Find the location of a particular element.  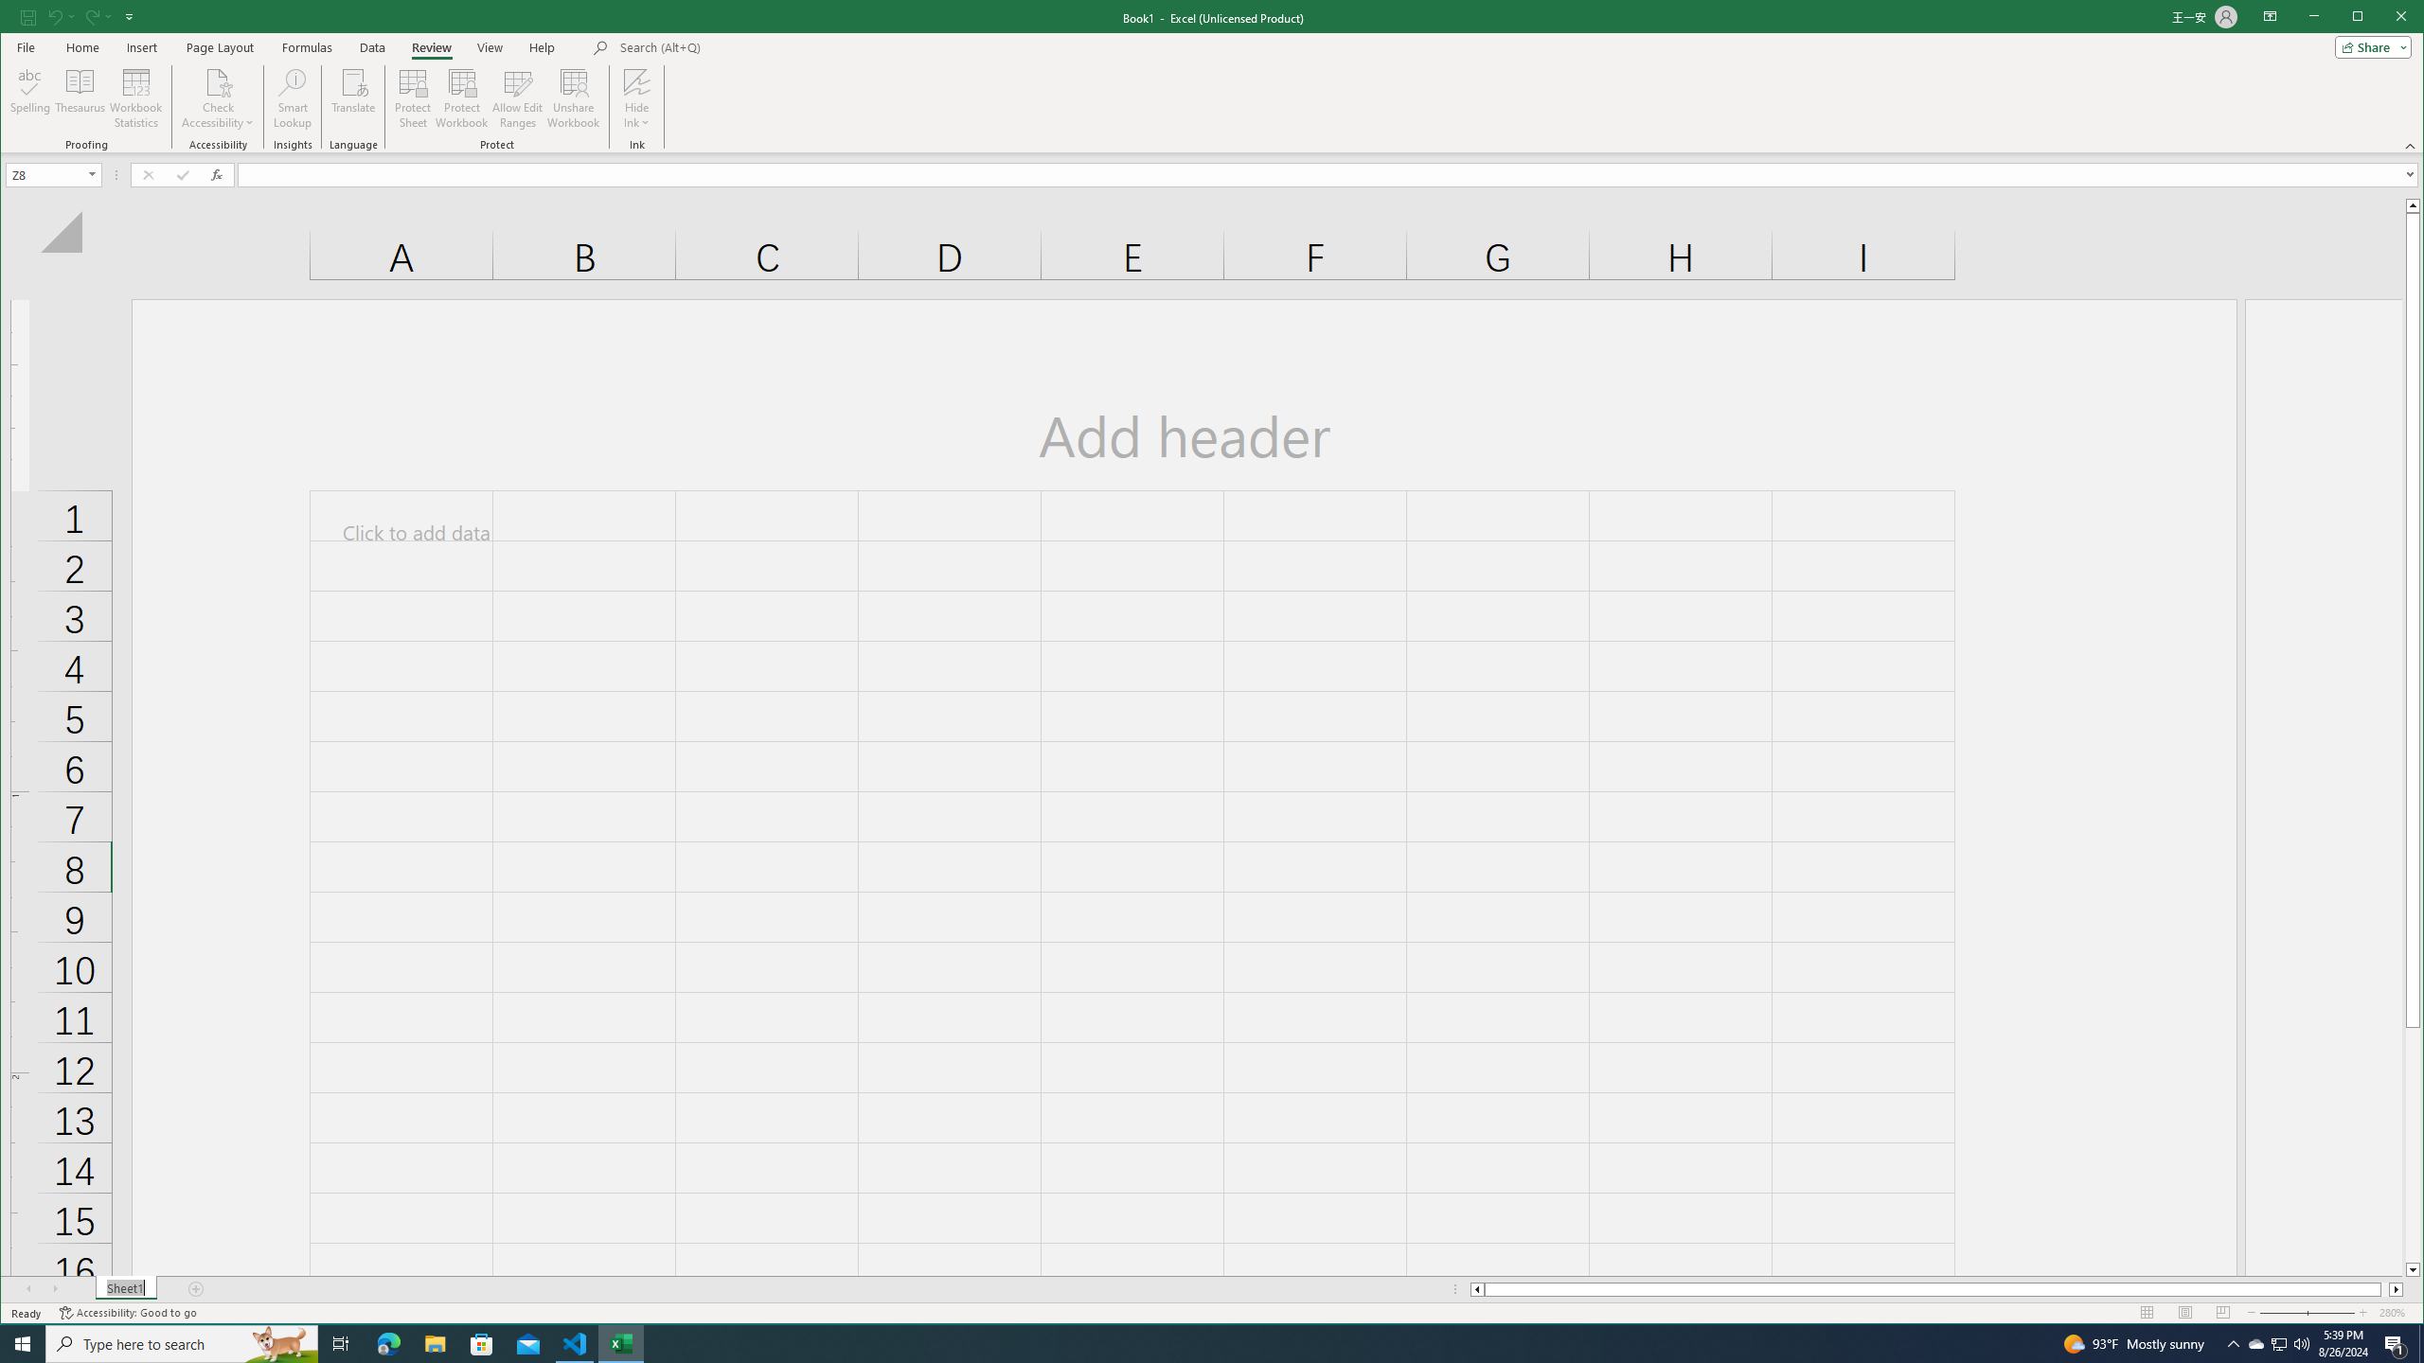

'Microsoft Edge' is located at coordinates (387, 1342).